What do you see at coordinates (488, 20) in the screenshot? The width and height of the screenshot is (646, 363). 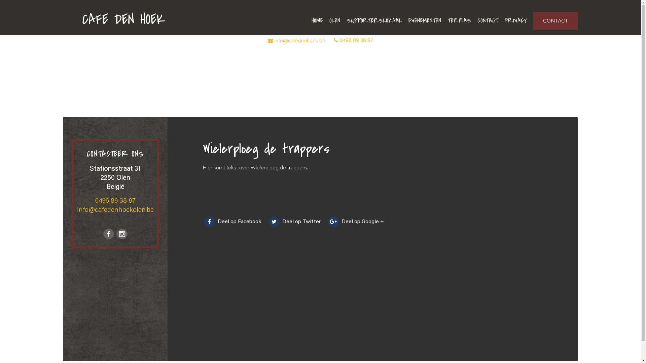 I see `'CONTACT'` at bounding box center [488, 20].